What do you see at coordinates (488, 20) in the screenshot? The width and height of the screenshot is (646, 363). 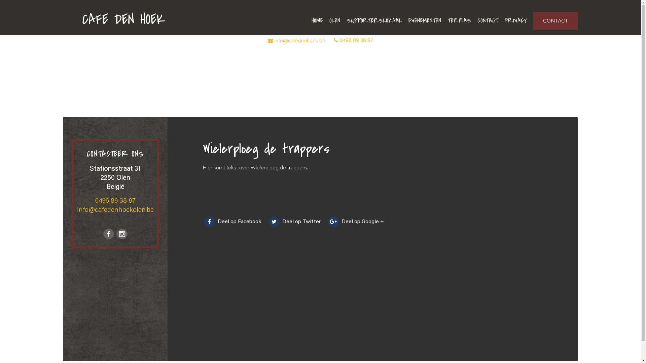 I see `'CONTACT'` at bounding box center [488, 20].